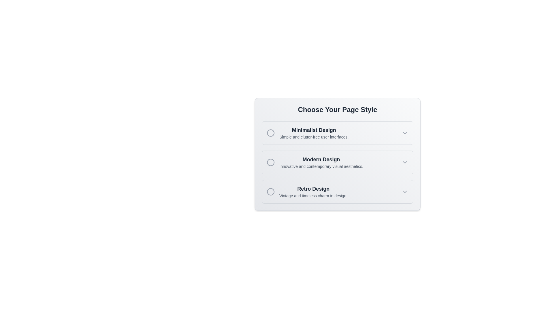  Describe the element at coordinates (405, 162) in the screenshot. I see `the chevron-type dropdown indicator located to the right of the 'Modern Design' menu item` at that location.